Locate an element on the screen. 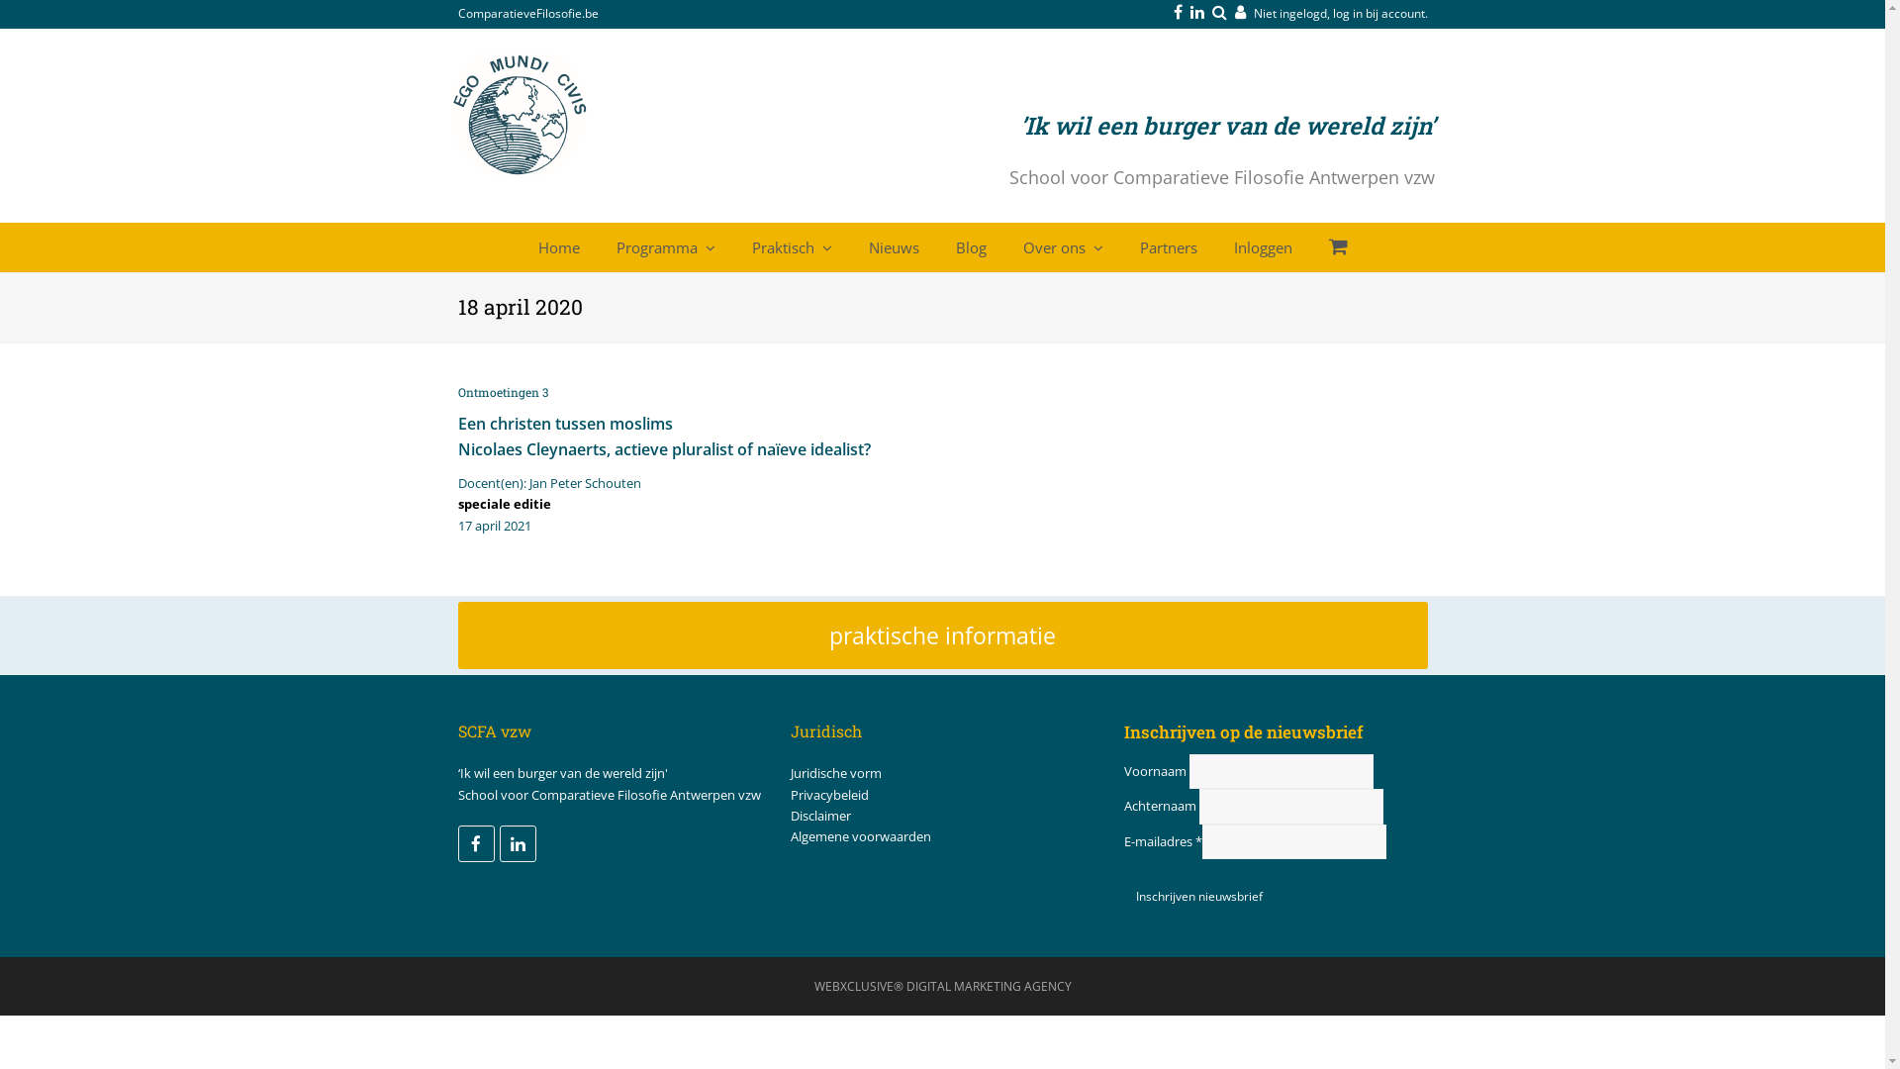 Image resolution: width=1900 pixels, height=1069 pixels. 'Home' is located at coordinates (557, 246).